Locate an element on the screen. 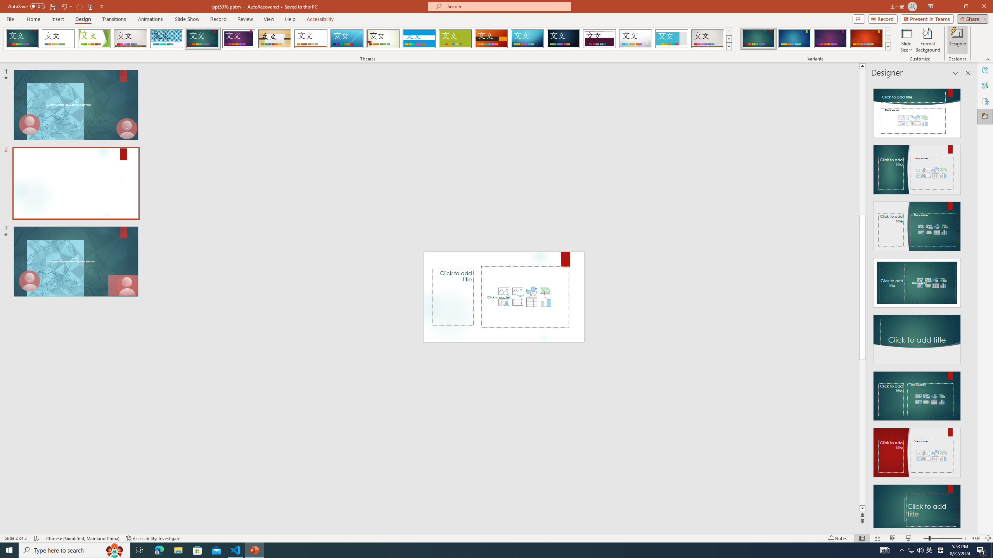 The image size is (993, 558). 'Berlin' is located at coordinates (491, 38).